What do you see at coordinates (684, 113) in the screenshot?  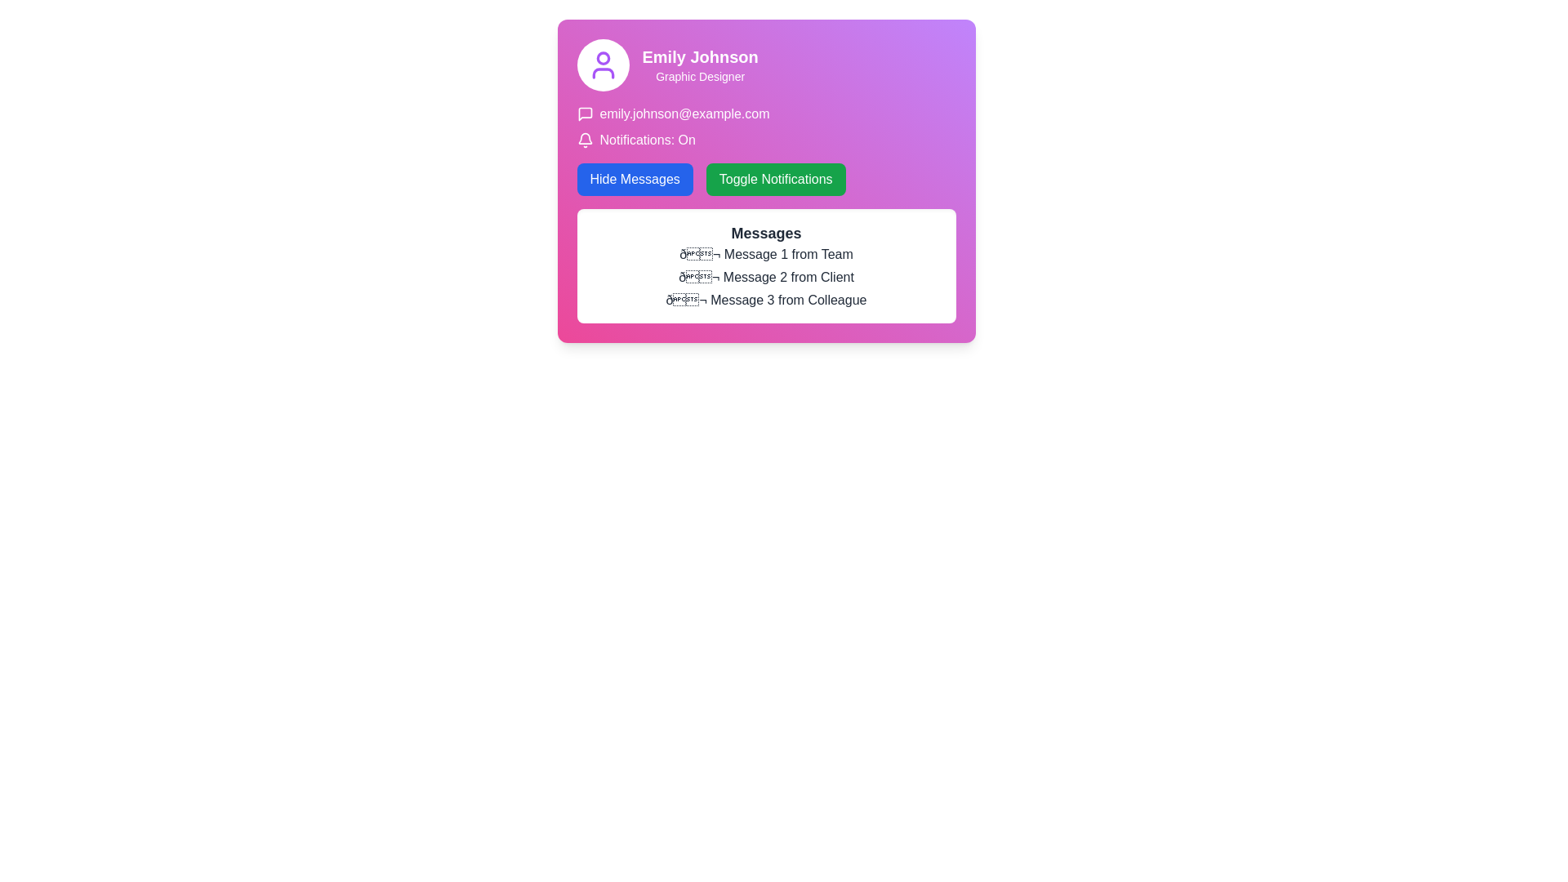 I see `the non-interactive email address text, which is located to the right of a message bubble icon and above the 'Notifications: On' text` at bounding box center [684, 113].